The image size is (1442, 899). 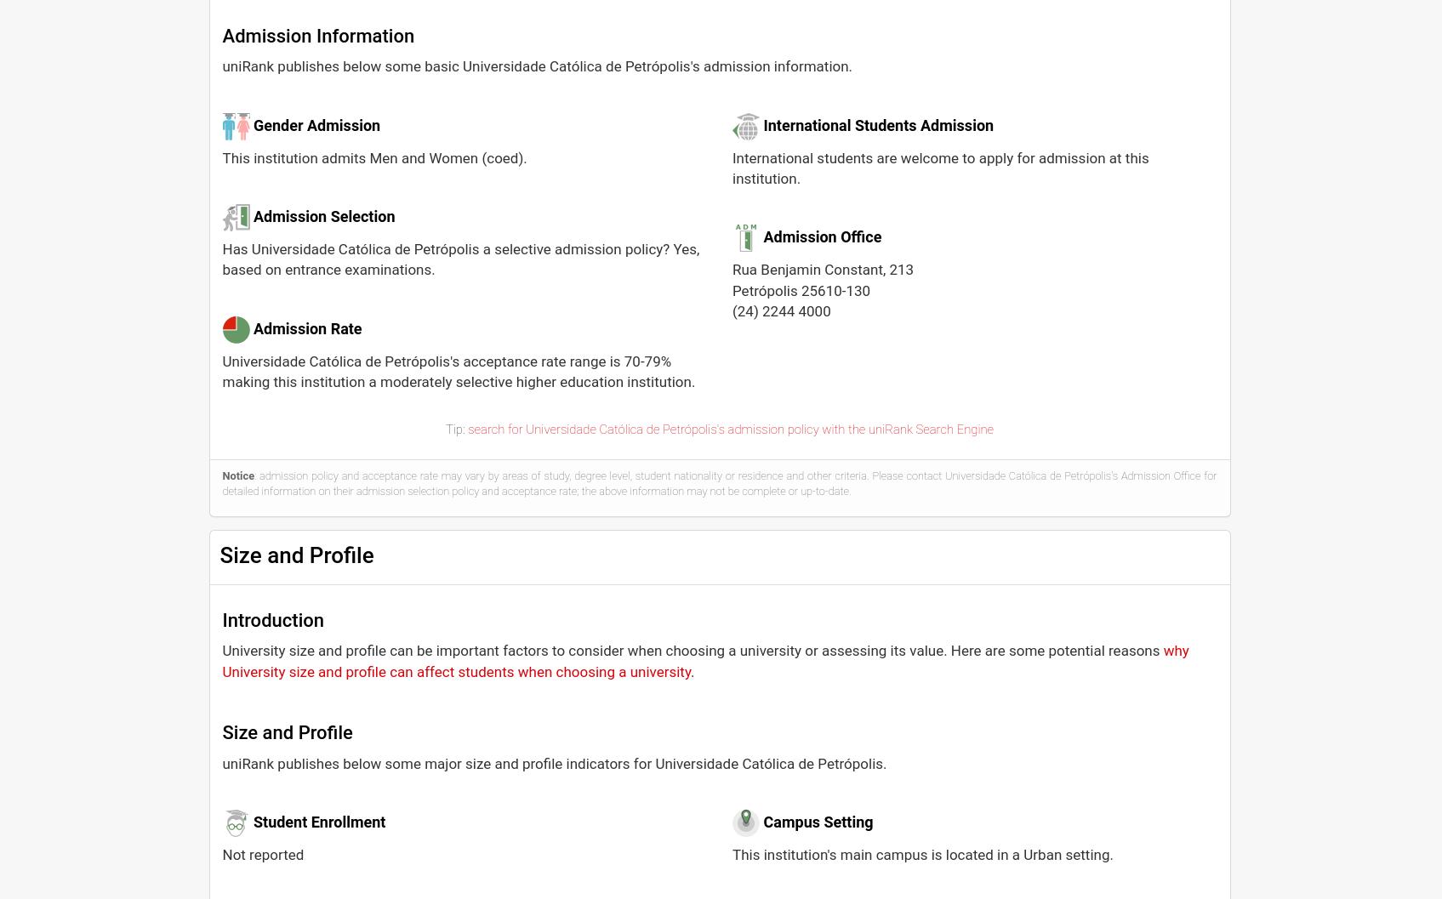 I want to click on 'Has Universidade Católica de Petrópolis a selective admission policy? Yes, based on entrance examinations.', so click(x=460, y=259).